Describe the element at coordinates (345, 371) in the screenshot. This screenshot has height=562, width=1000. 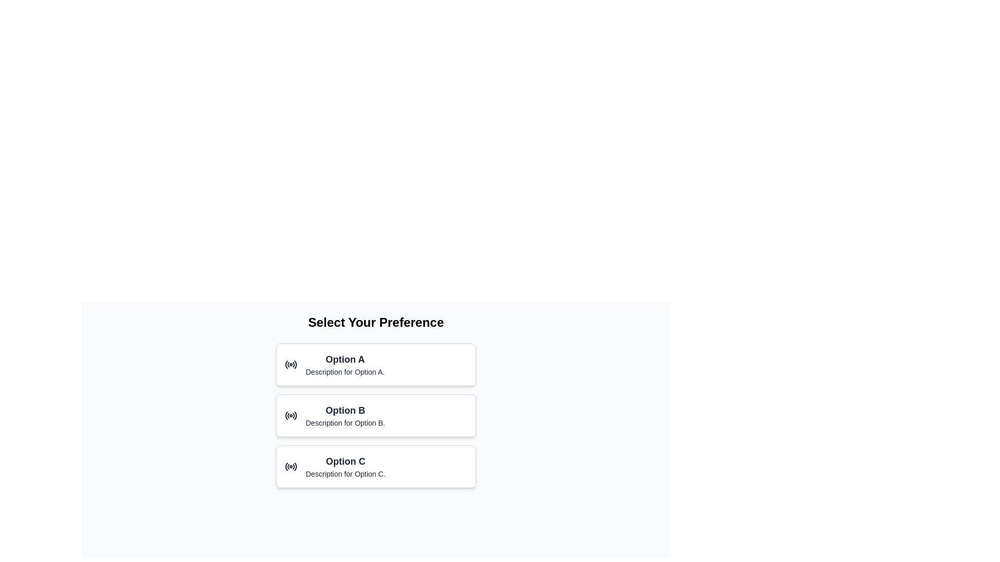
I see `the text block containing 'Description for Option A.' which is located below the title 'Option A' in the card layout` at that location.